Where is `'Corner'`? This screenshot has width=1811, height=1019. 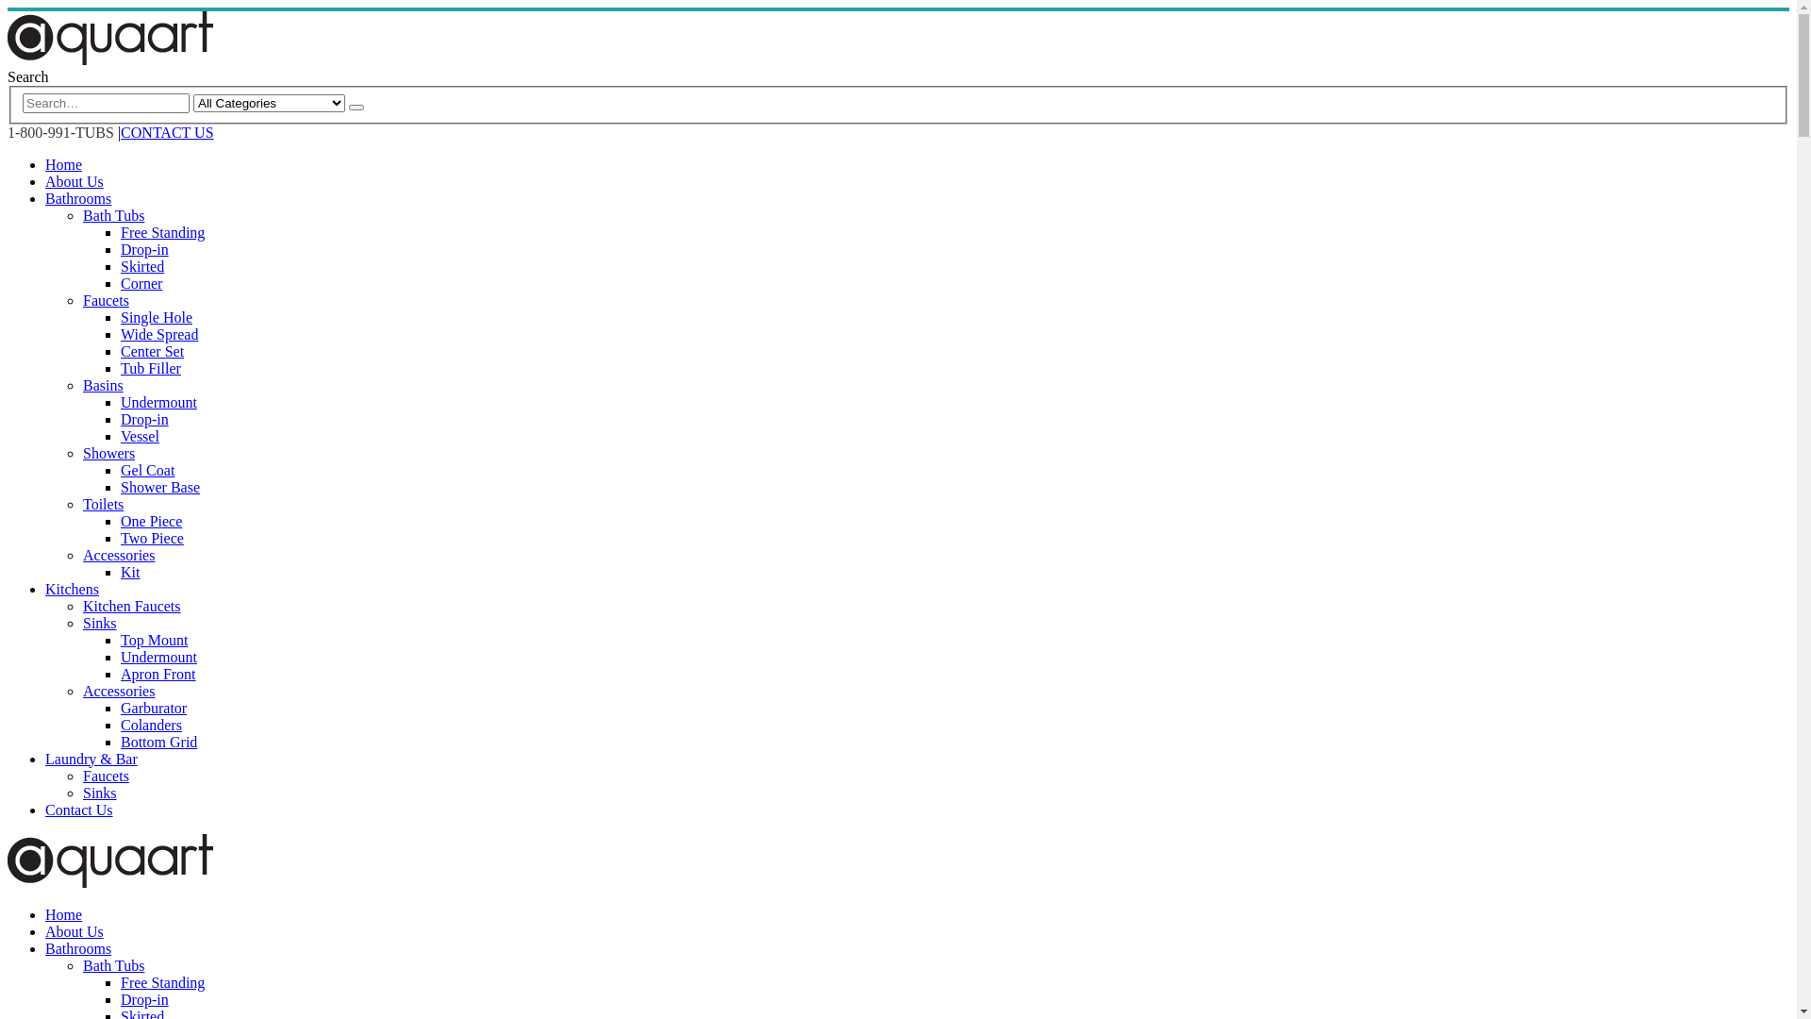
'Corner' is located at coordinates (140, 283).